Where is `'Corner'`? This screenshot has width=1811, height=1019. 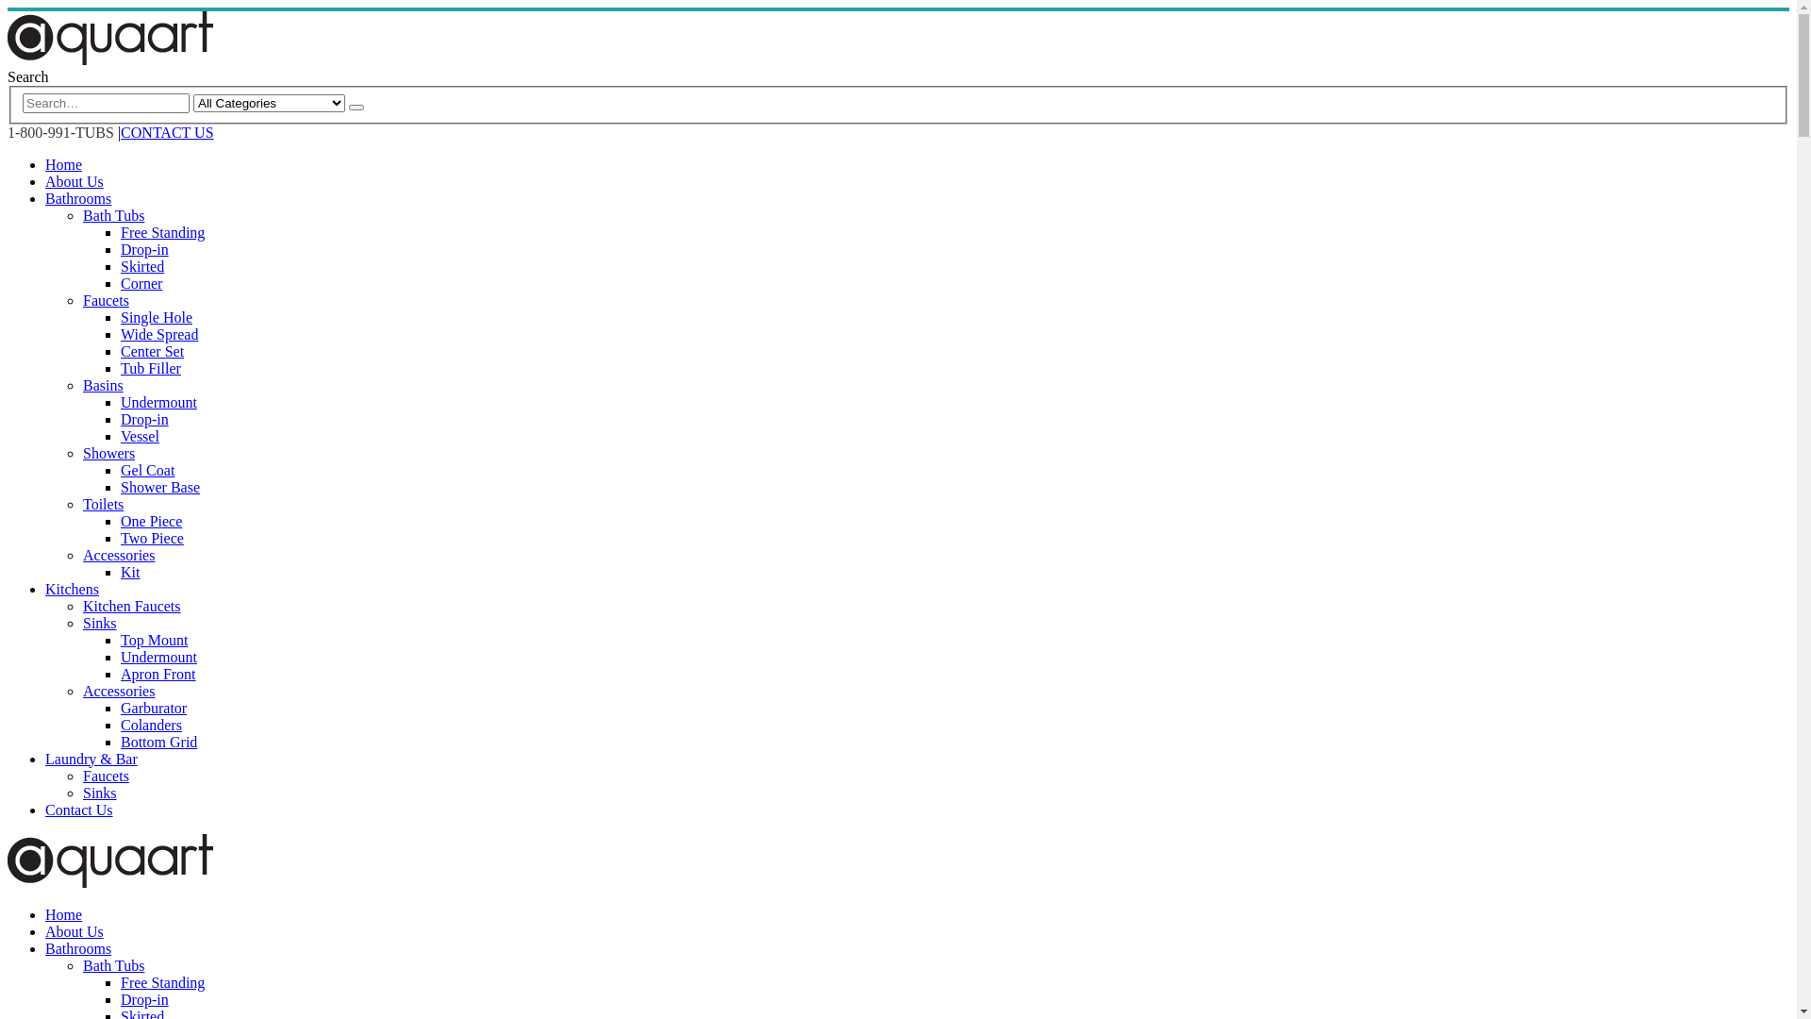
'Corner' is located at coordinates (140, 283).